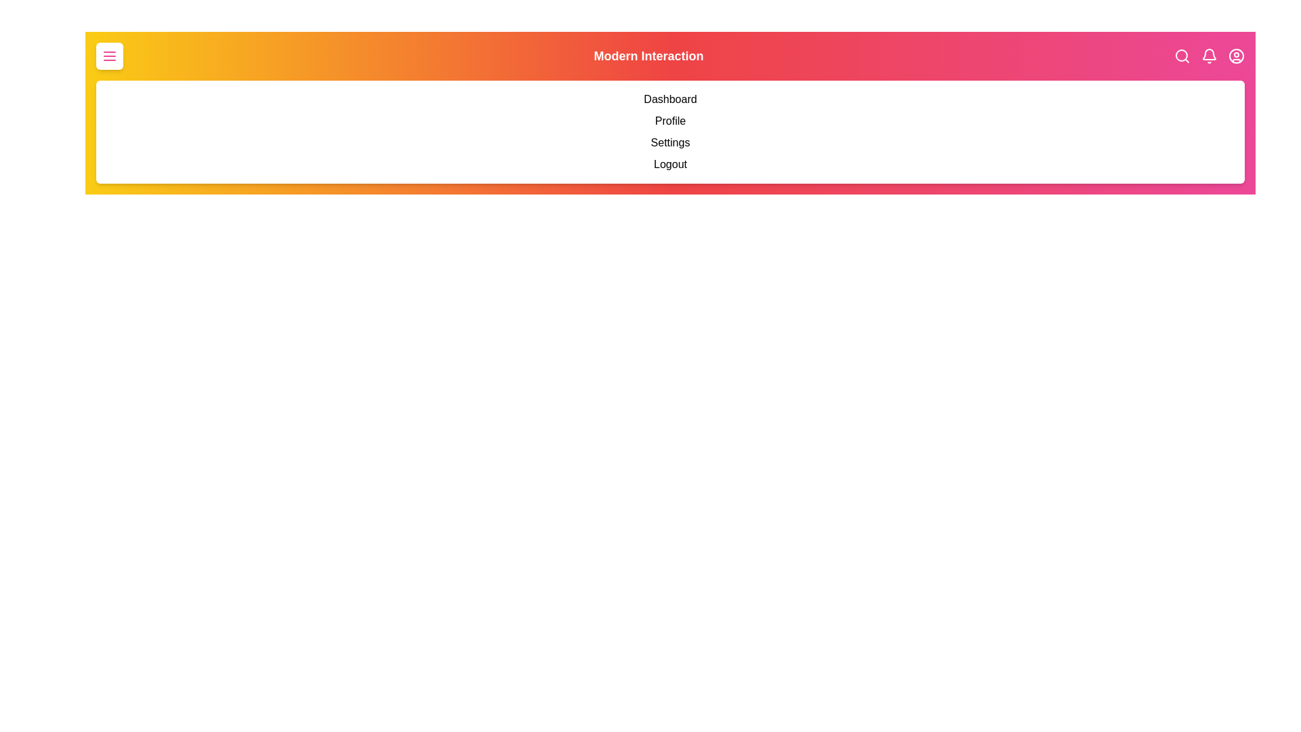 The height and width of the screenshot is (732, 1301). Describe the element at coordinates (1210, 56) in the screenshot. I see `the notification bell icon to interact with it` at that location.